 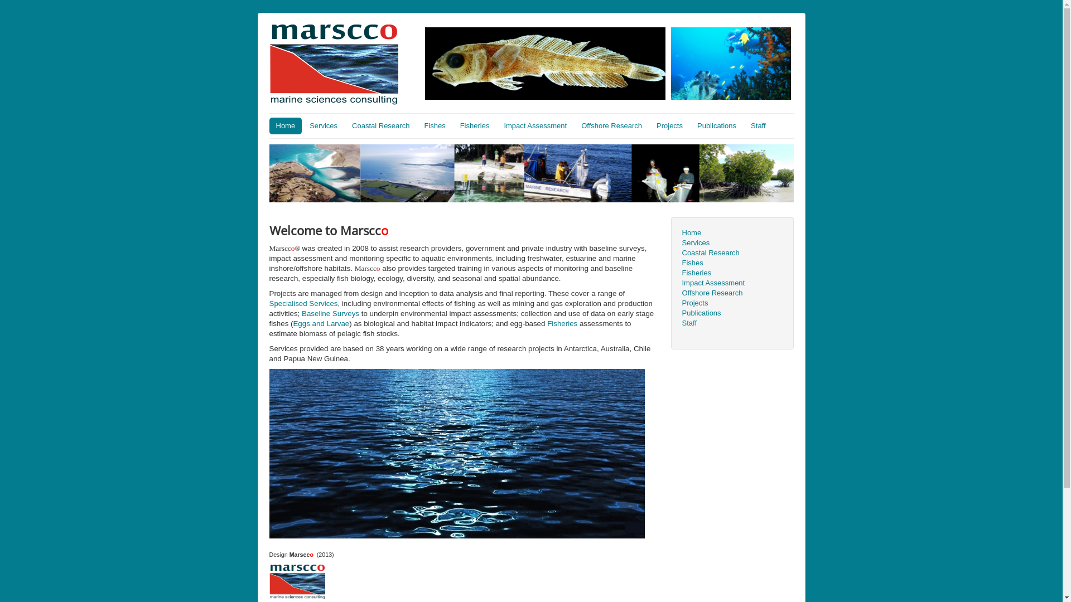 What do you see at coordinates (731, 283) in the screenshot?
I see `'Impact Assessment'` at bounding box center [731, 283].